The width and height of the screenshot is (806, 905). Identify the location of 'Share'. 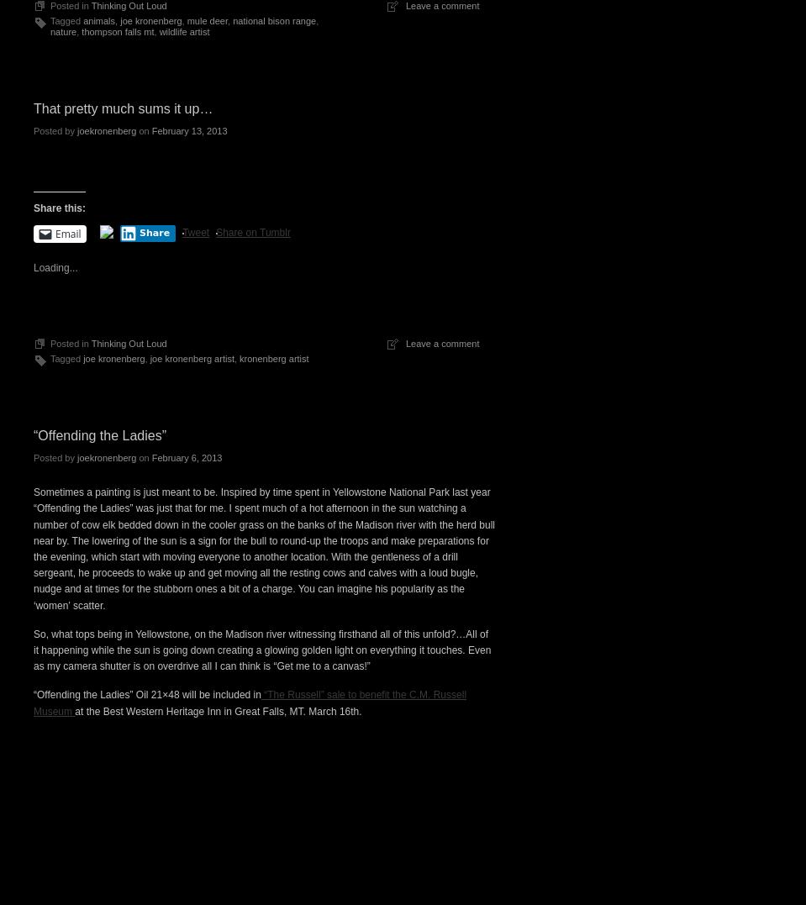
(154, 231).